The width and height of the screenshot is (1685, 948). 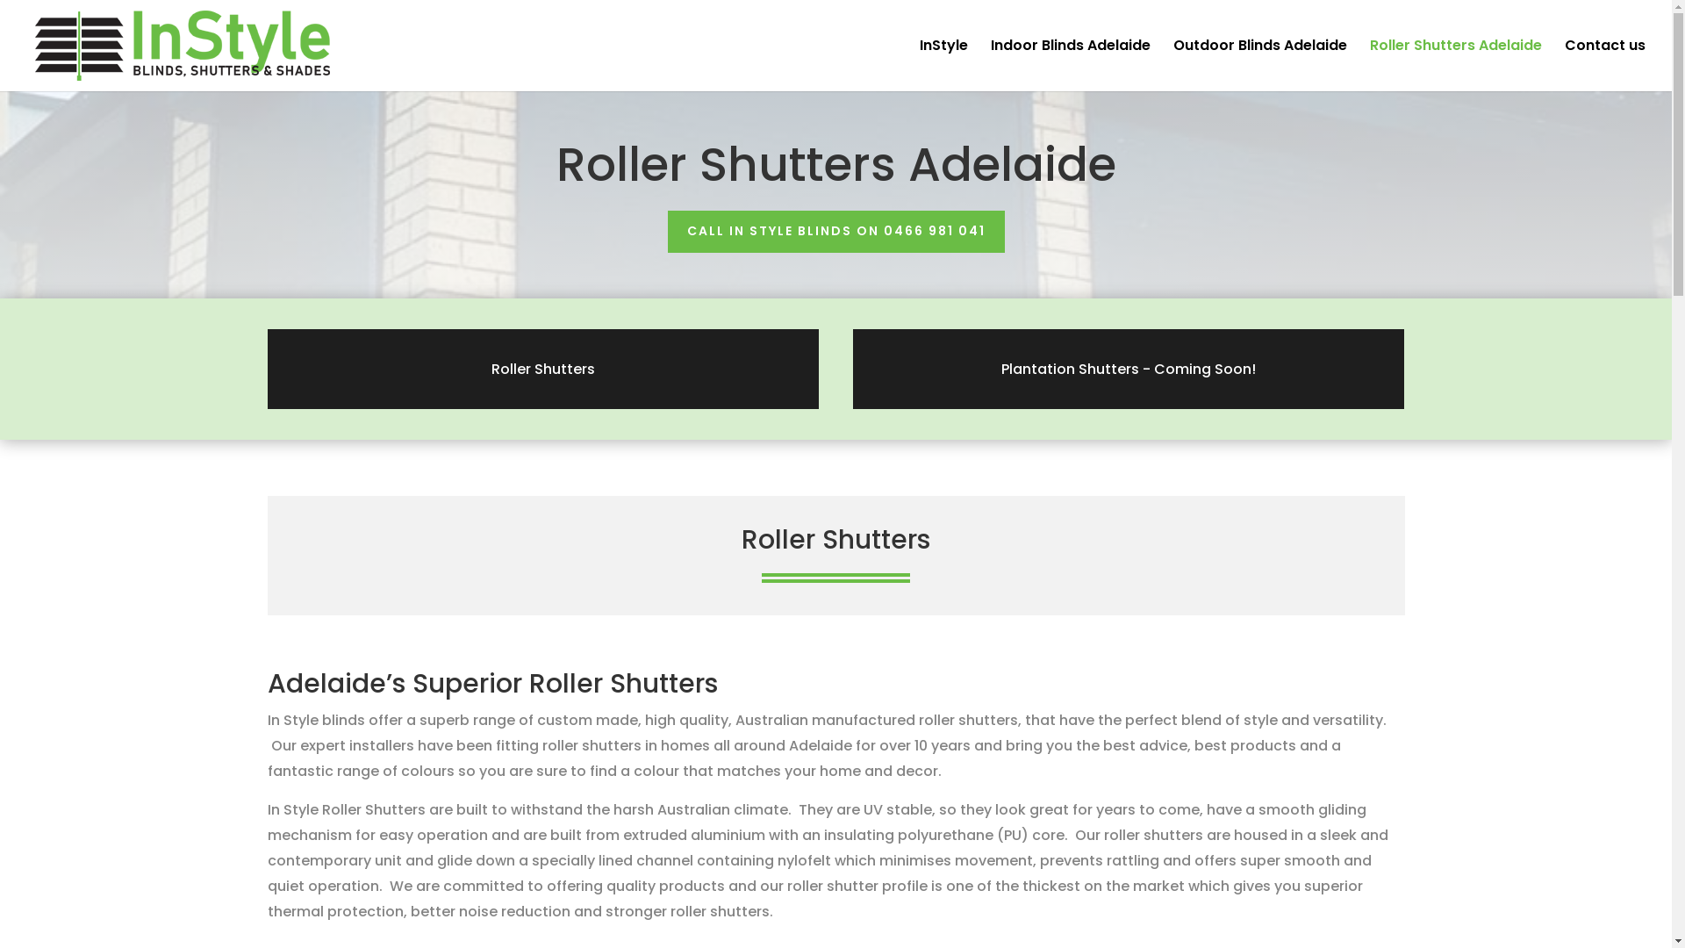 What do you see at coordinates (1258, 64) in the screenshot?
I see `'Outdoor Blinds Adelaide'` at bounding box center [1258, 64].